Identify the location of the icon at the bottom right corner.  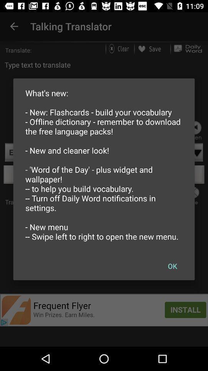
(172, 266).